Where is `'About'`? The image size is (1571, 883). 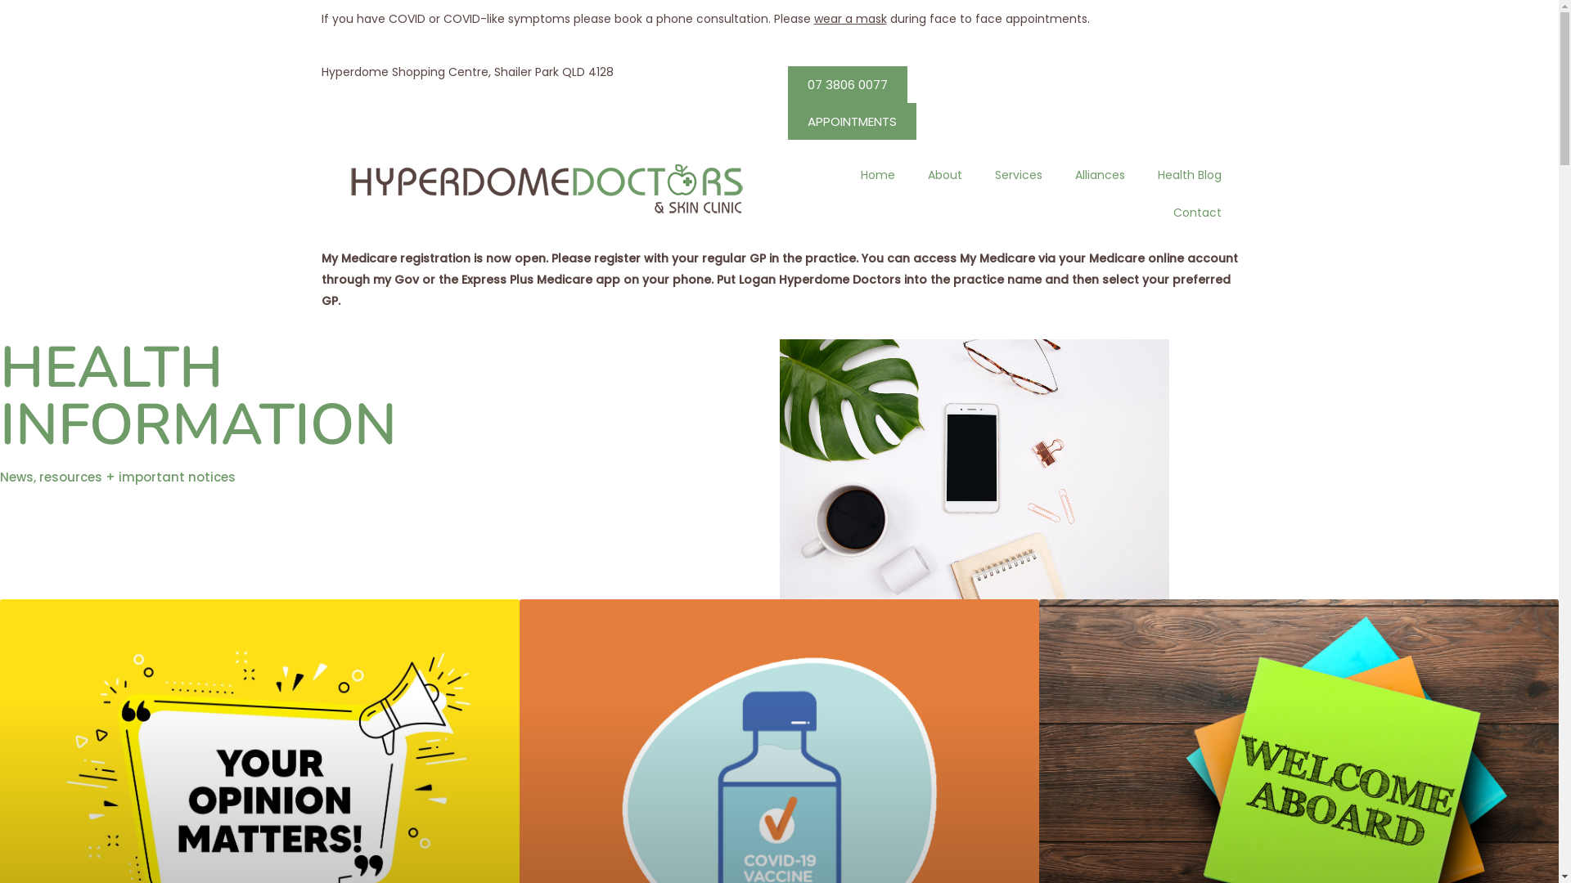 'About' is located at coordinates (945, 173).